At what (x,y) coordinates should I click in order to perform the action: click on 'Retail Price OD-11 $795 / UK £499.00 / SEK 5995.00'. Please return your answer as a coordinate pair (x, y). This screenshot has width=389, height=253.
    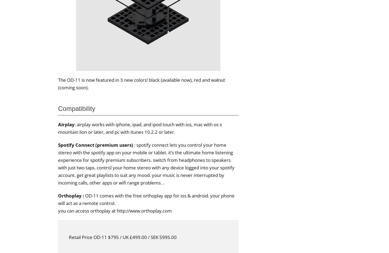
    Looking at the image, I should click on (123, 237).